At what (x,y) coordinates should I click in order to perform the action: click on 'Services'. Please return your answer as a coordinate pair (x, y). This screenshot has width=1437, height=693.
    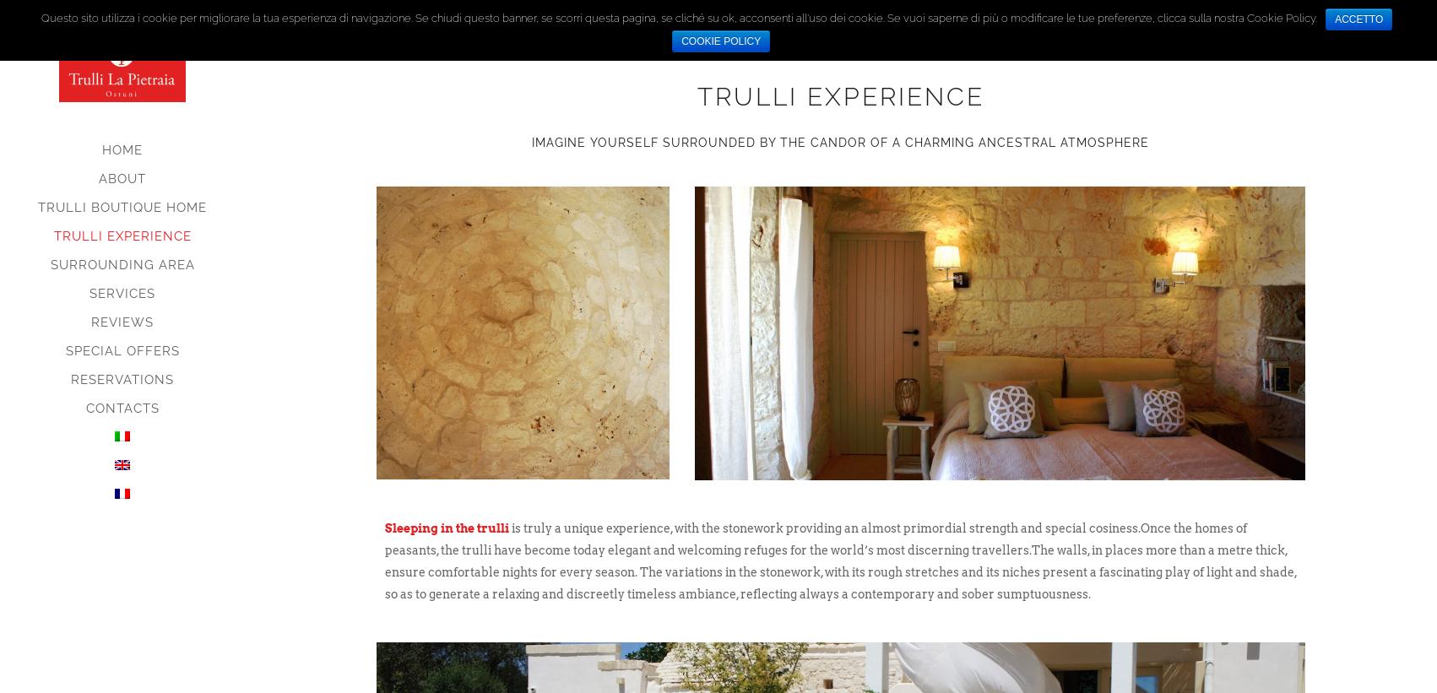
    Looking at the image, I should click on (89, 293).